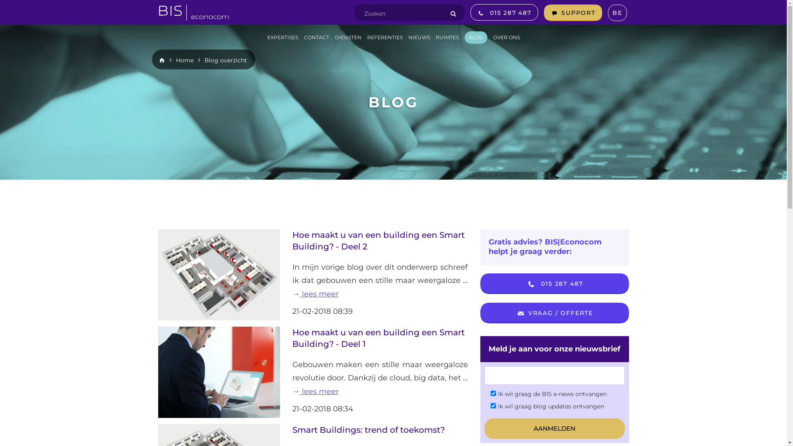 The image size is (793, 446). Describe the element at coordinates (480, 283) in the screenshot. I see `'015 287 487'` at that location.